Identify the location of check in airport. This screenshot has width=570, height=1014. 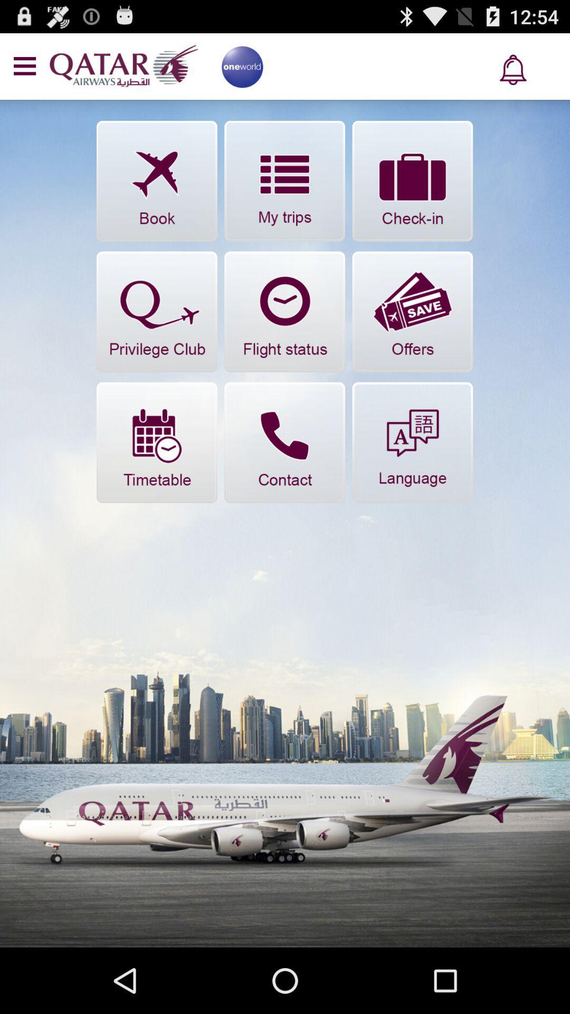
(412, 181).